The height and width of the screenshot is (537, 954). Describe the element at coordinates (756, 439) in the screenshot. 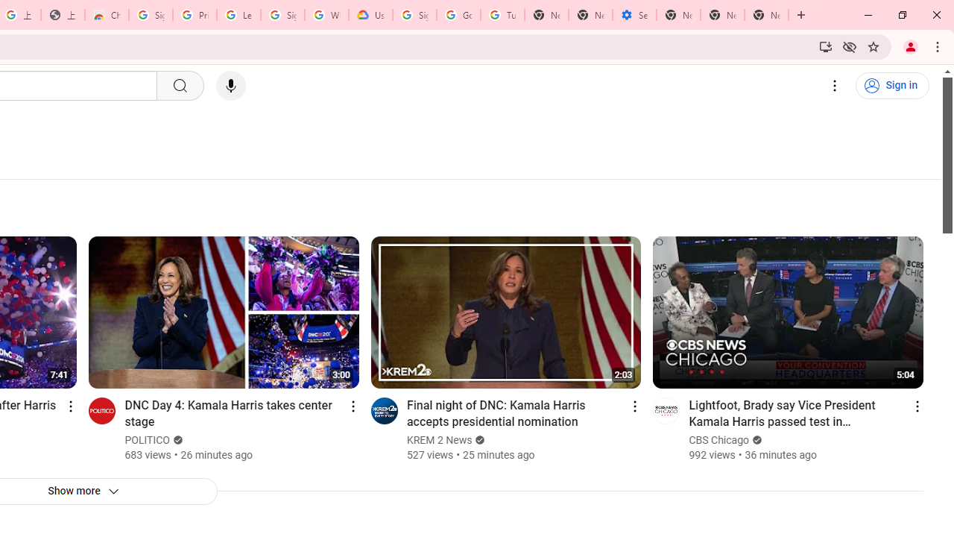

I see `'Verified'` at that location.